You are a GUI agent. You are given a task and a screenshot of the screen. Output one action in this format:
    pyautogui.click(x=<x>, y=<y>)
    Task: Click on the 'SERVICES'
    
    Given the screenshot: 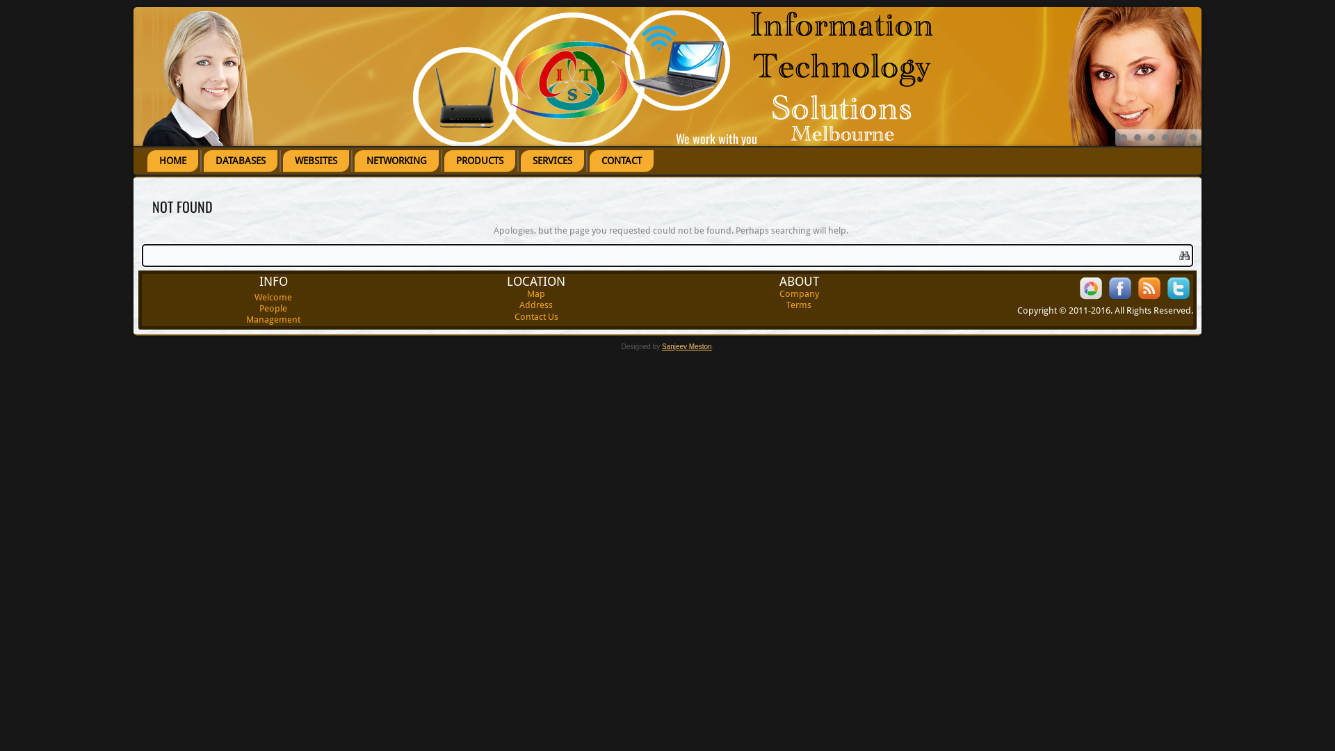 What is the action you would take?
    pyautogui.click(x=551, y=160)
    